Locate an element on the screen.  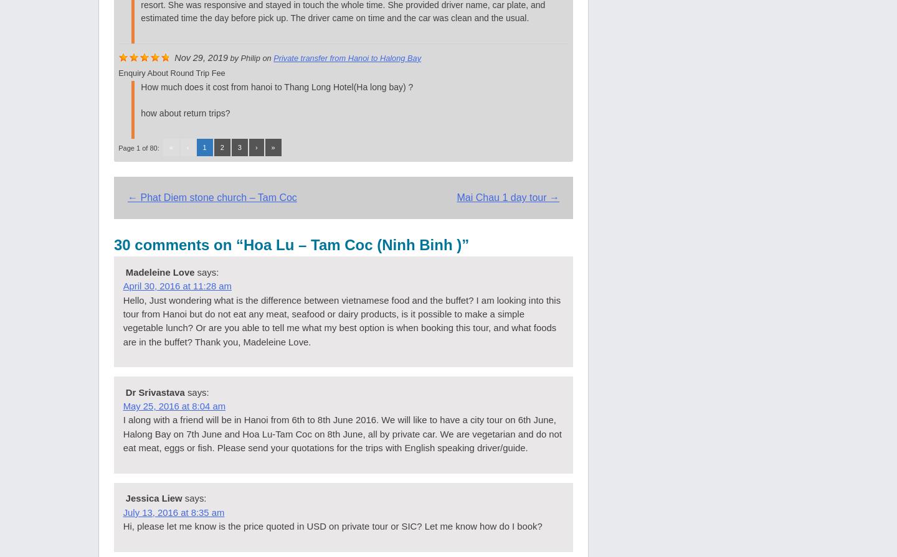
'Dr Srivastava' is located at coordinates (154, 391).